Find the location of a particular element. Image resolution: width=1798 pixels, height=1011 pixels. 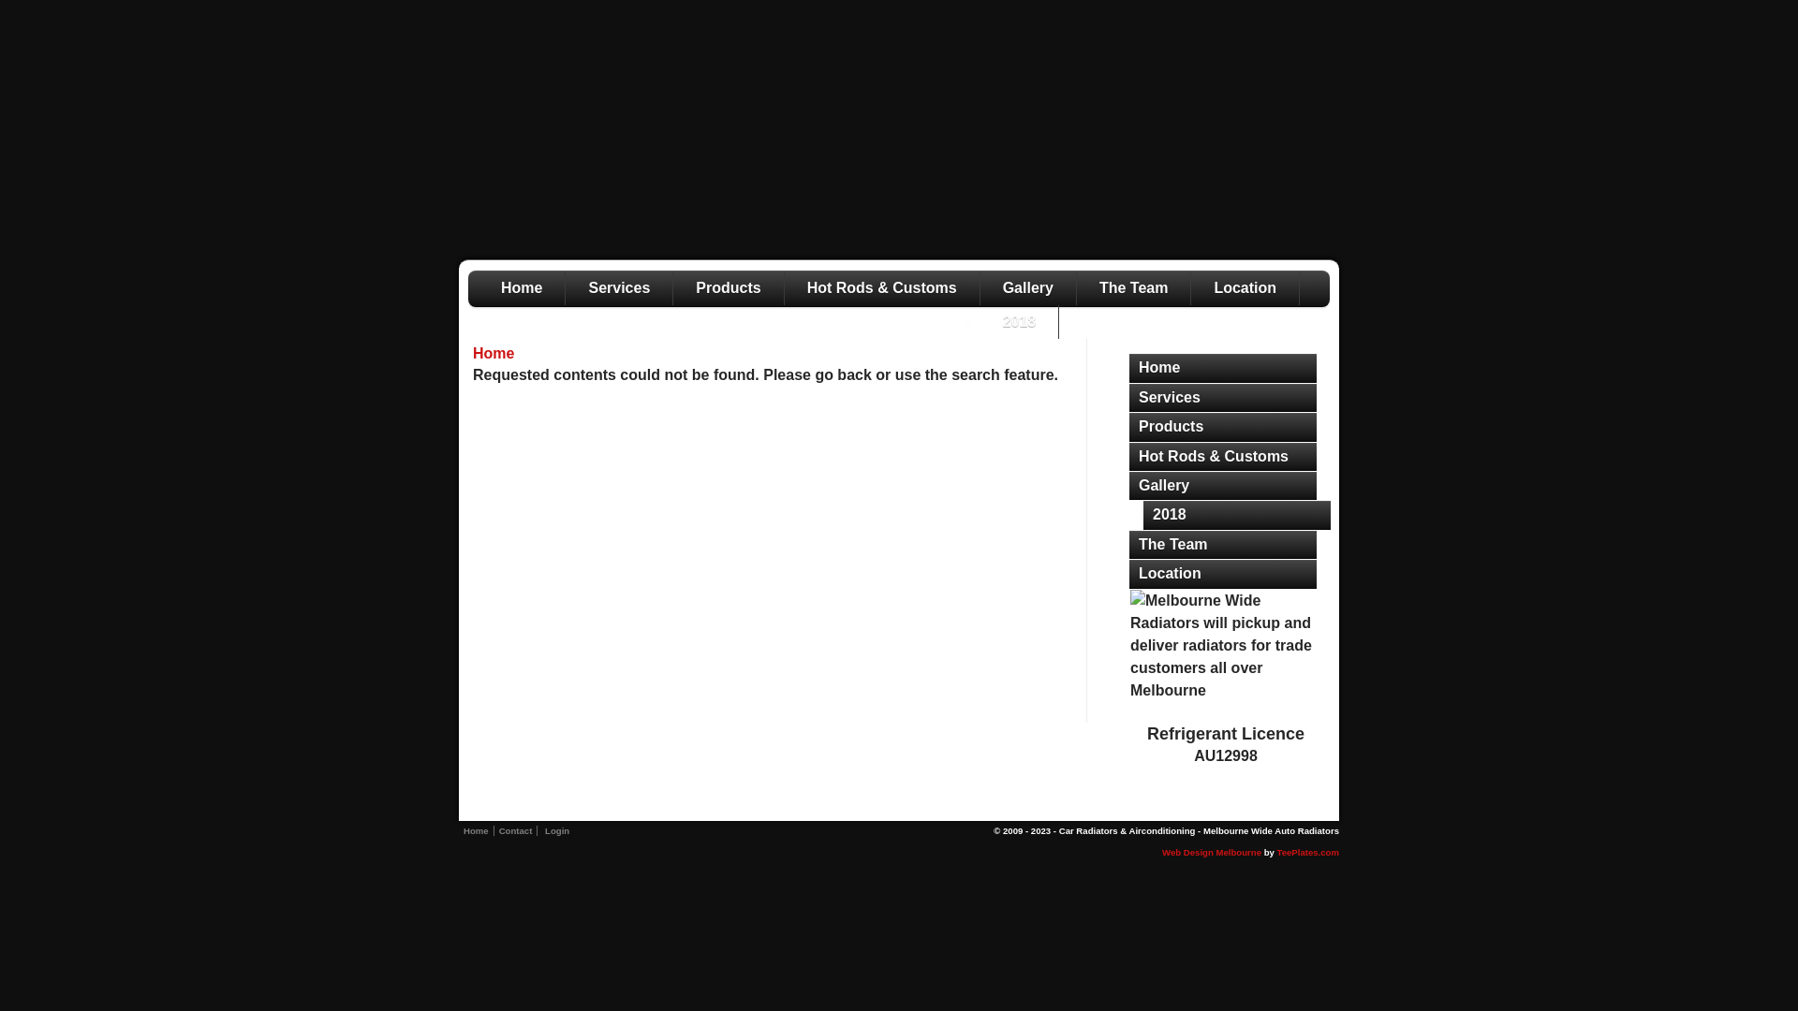

'Web Design Melbourne' is located at coordinates (1212, 852).